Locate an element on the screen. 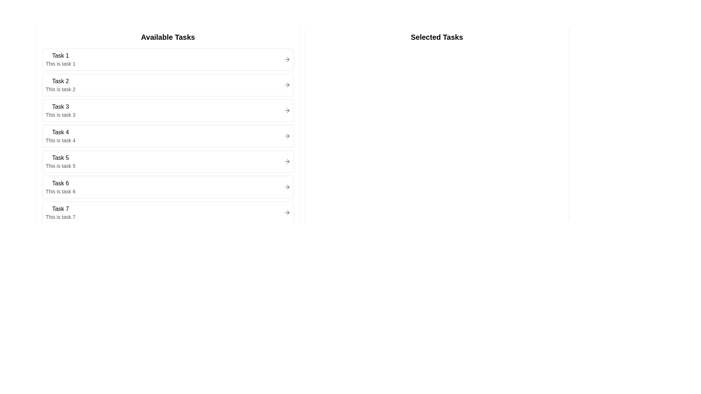 This screenshot has height=394, width=701. the right-pointing arrow icon located in the 'Task 4' row of the 'Available Tasks' section is located at coordinates (288, 111).